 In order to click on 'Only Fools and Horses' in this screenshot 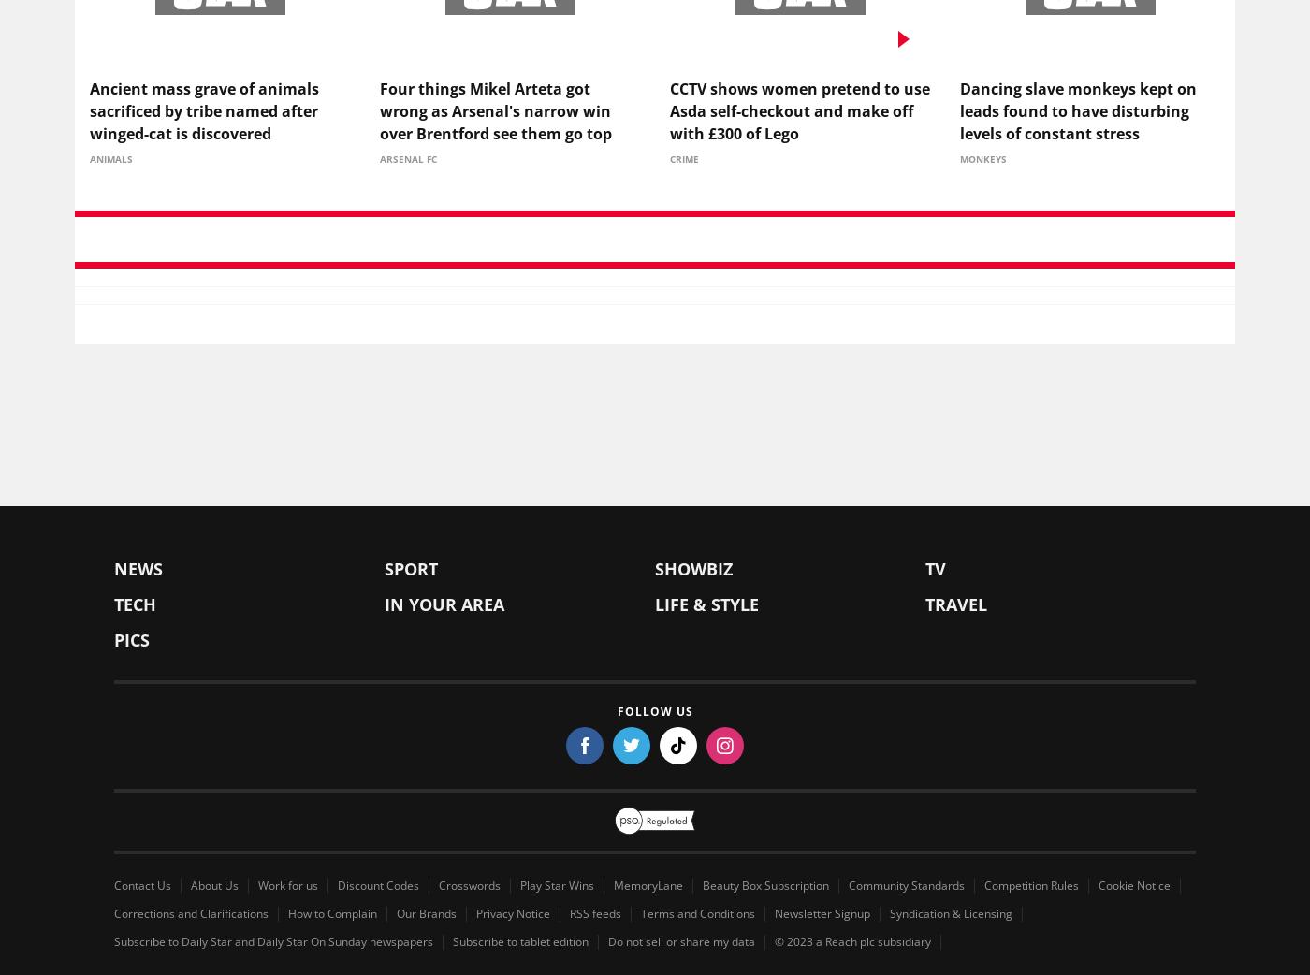, I will do `click(1001, 517)`.